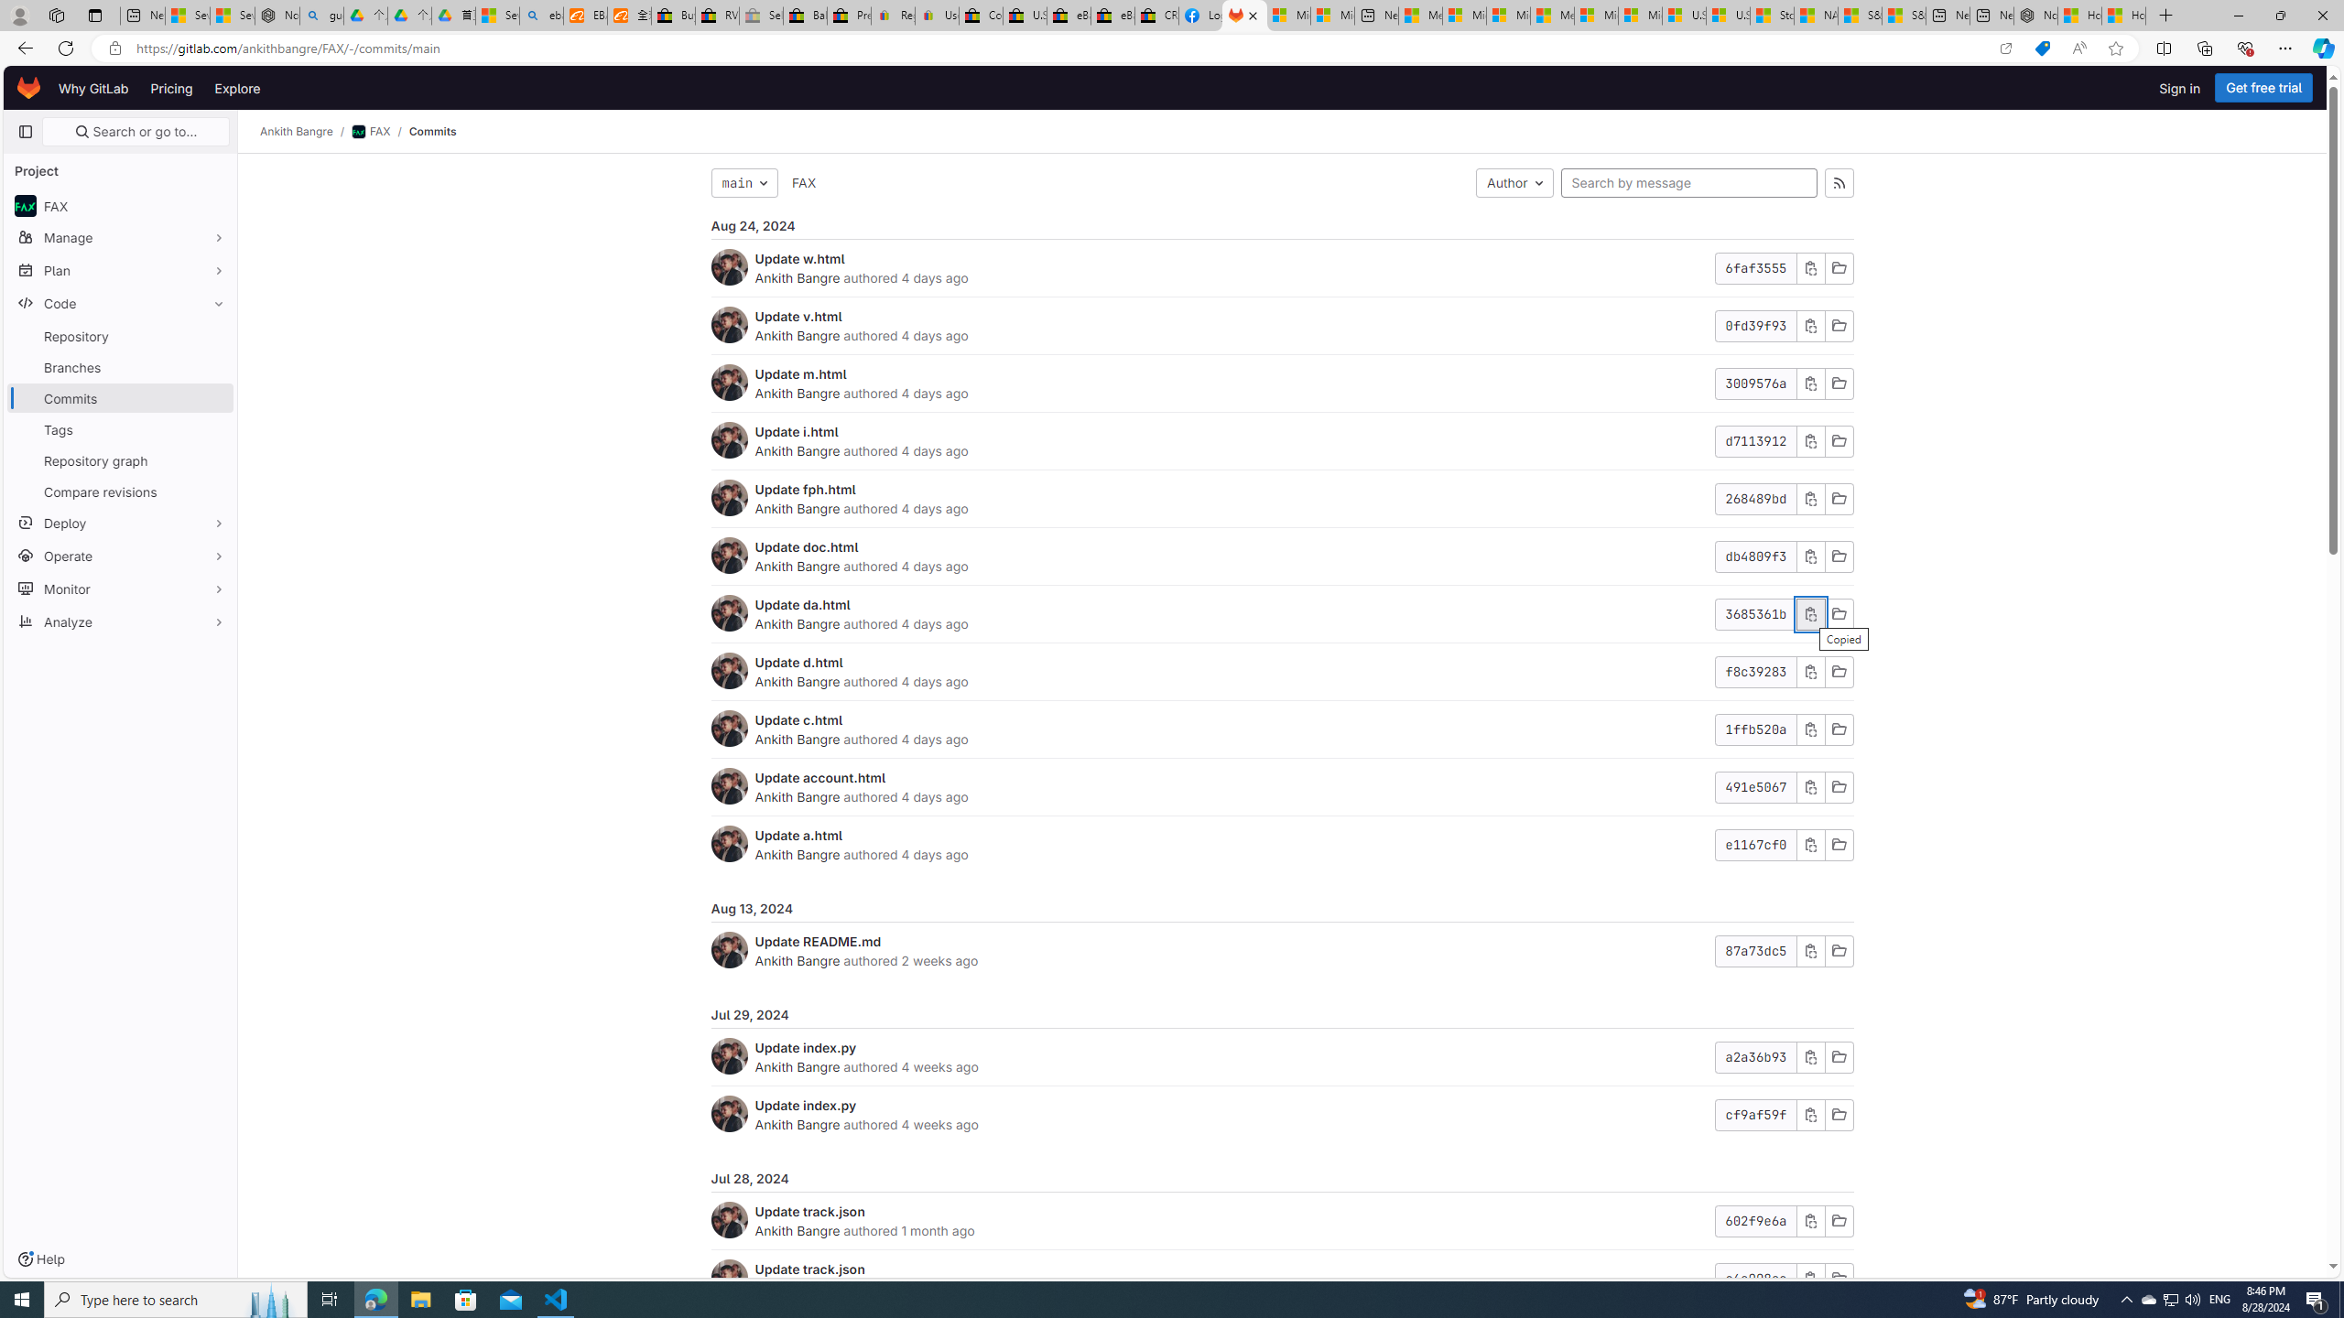 The height and width of the screenshot is (1318, 2344). I want to click on 'Consumer Health Data Privacy Policy - eBay Inc.', so click(981, 15).